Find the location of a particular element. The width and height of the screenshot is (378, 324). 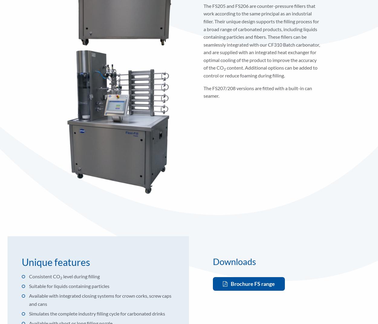

'Unique features' is located at coordinates (56, 262).